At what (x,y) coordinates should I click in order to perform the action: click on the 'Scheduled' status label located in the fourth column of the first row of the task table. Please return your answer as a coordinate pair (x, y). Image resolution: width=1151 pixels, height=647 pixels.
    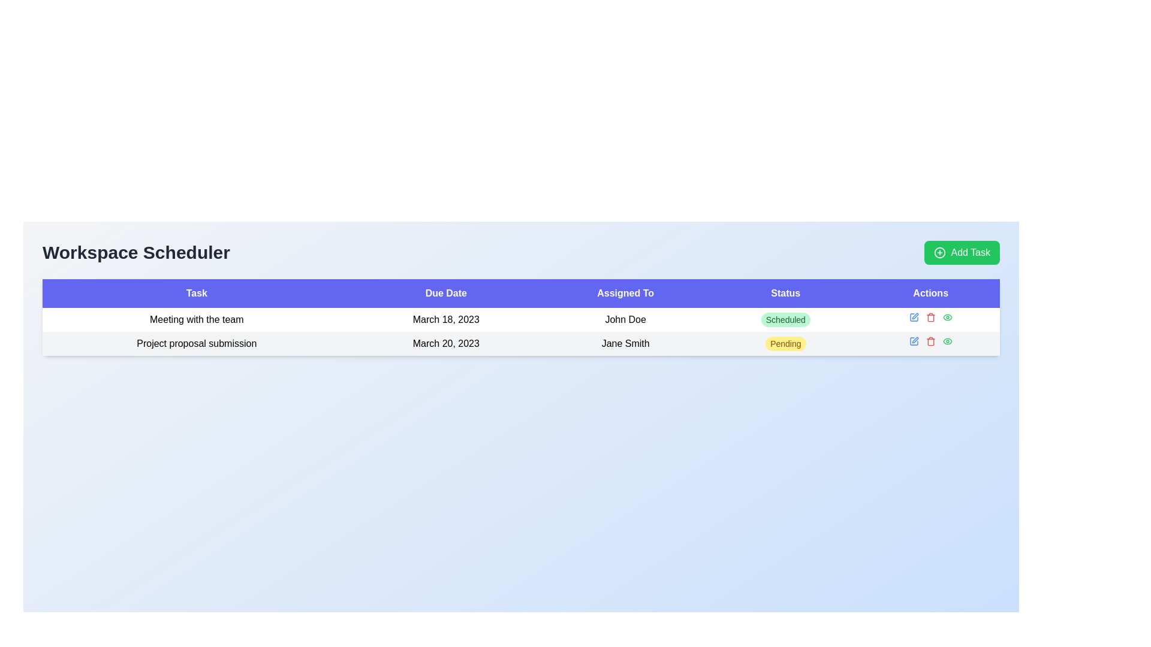
    Looking at the image, I should click on (785, 319).